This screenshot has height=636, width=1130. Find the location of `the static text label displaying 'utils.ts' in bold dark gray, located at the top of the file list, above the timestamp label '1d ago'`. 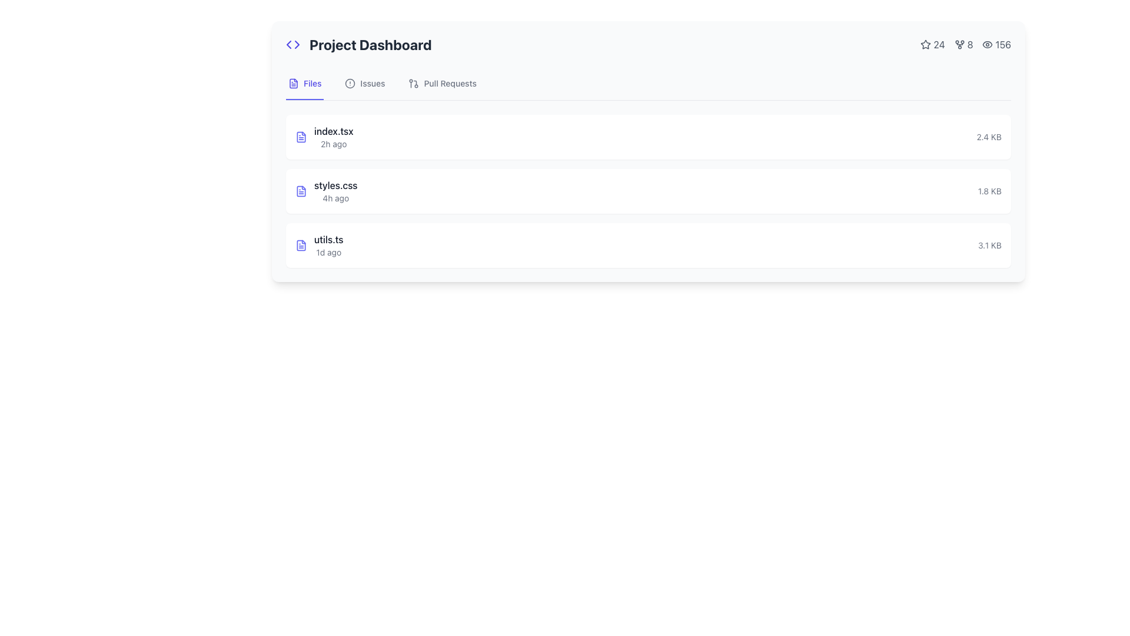

the static text label displaying 'utils.ts' in bold dark gray, located at the top of the file list, above the timestamp label '1d ago' is located at coordinates (328, 239).